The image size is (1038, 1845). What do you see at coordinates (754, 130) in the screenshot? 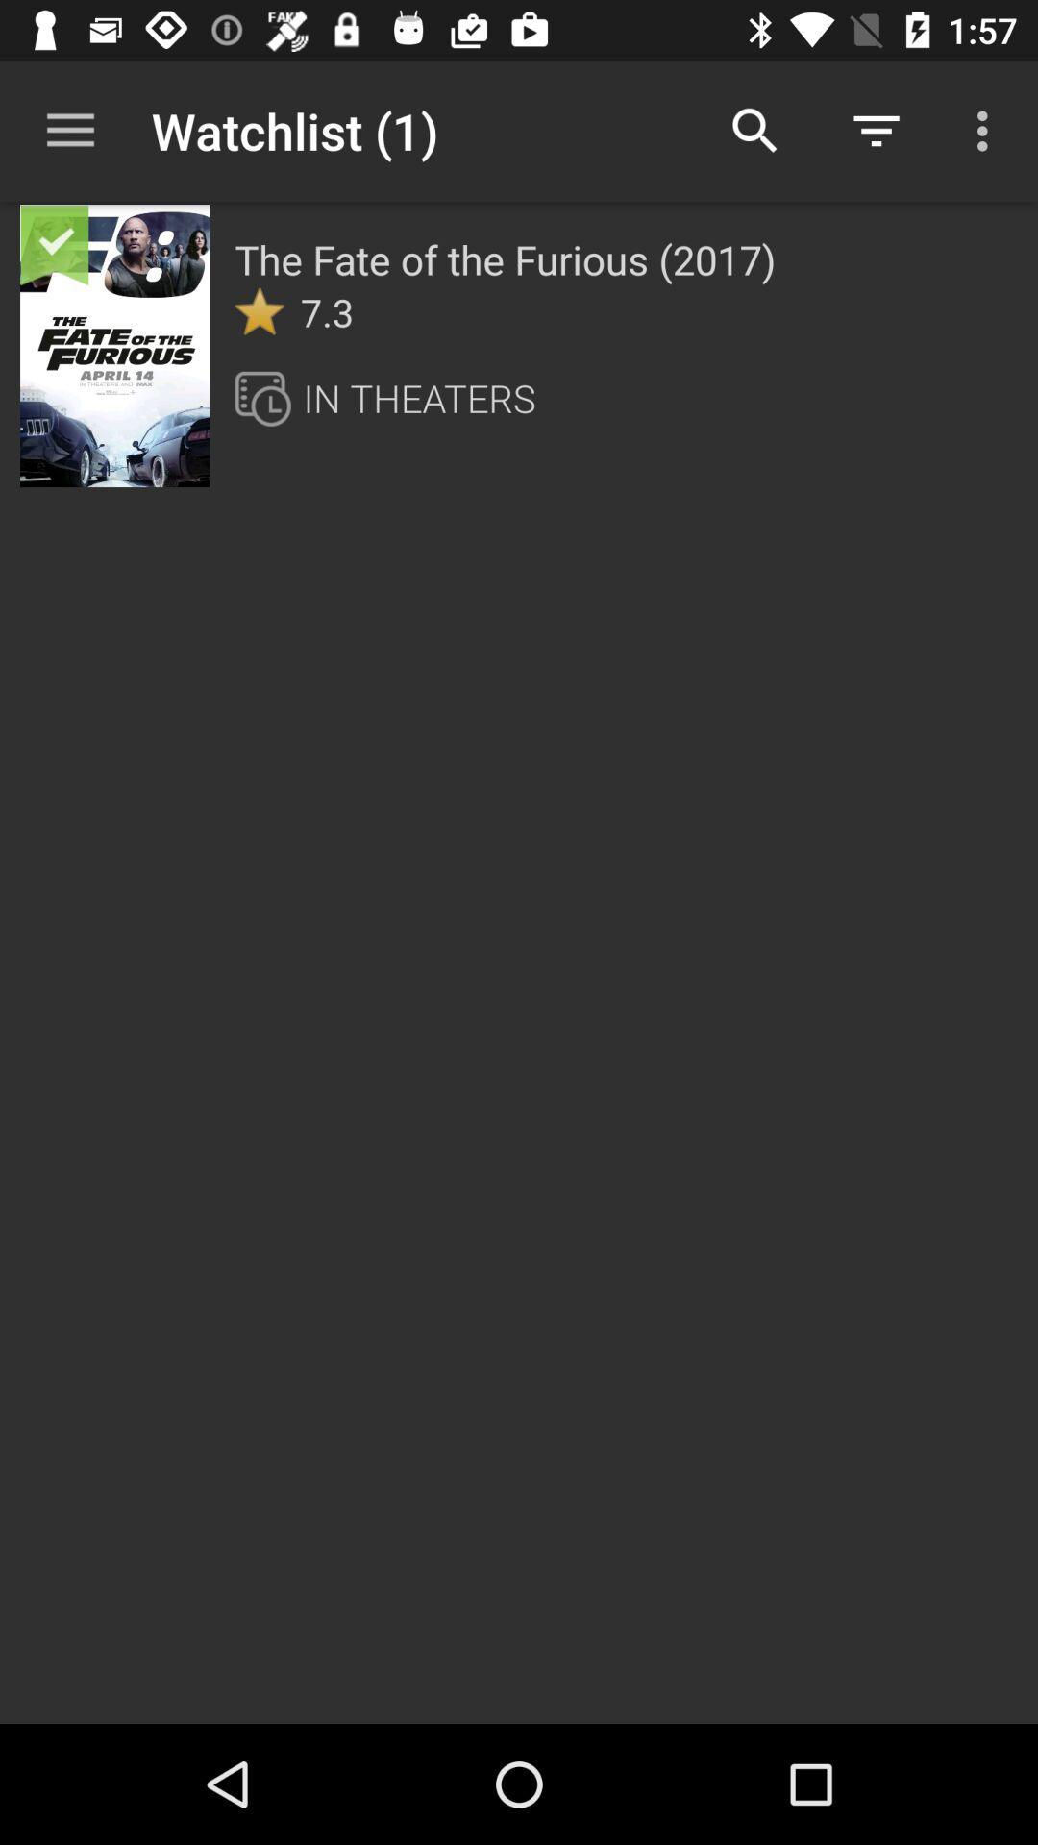
I see `icon to the right of the watchlist (1) app` at bounding box center [754, 130].